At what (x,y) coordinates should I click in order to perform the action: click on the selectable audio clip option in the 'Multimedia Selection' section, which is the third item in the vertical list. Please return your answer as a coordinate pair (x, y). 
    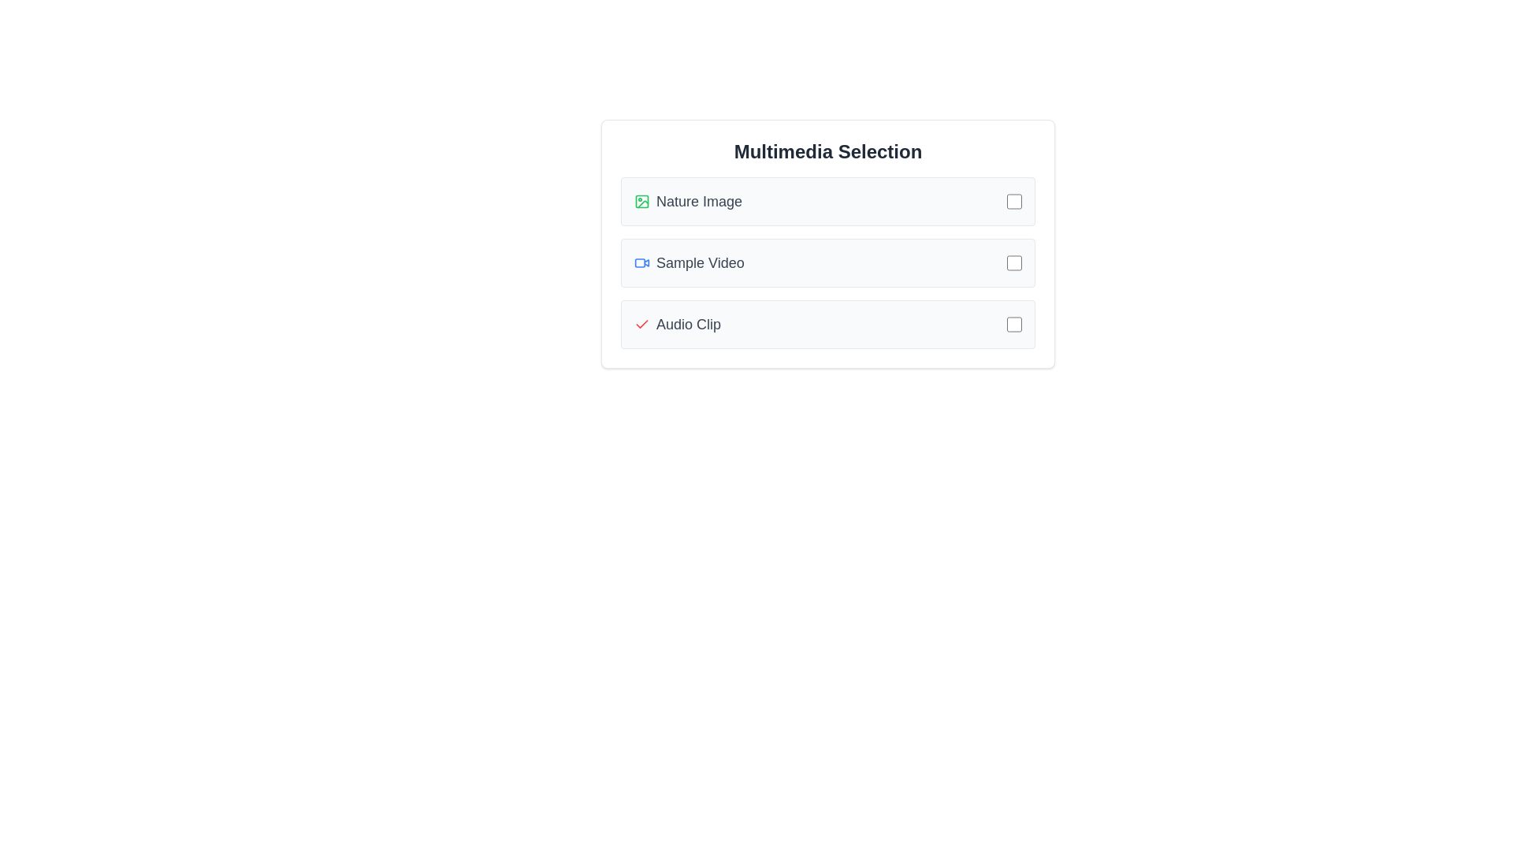
    Looking at the image, I should click on (820, 324).